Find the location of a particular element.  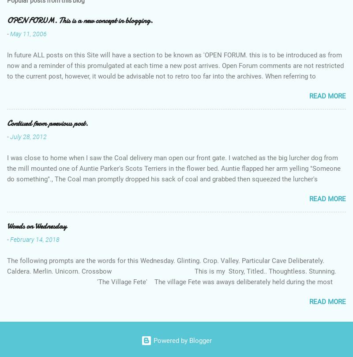

'Contiued from previous post.' is located at coordinates (47, 123).